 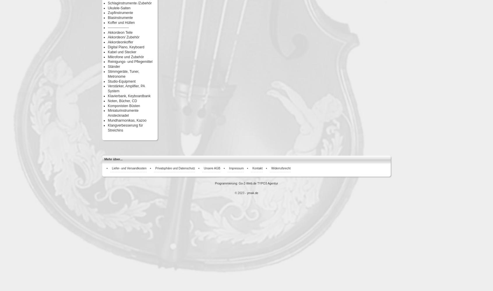 What do you see at coordinates (128, 168) in the screenshot?
I see `'Liefer- und Versandkosten'` at bounding box center [128, 168].